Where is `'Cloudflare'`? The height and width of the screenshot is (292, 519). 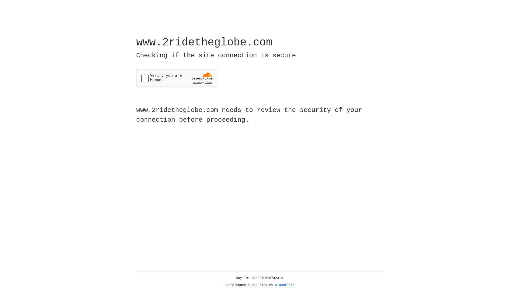 'Cloudflare' is located at coordinates (275, 285).